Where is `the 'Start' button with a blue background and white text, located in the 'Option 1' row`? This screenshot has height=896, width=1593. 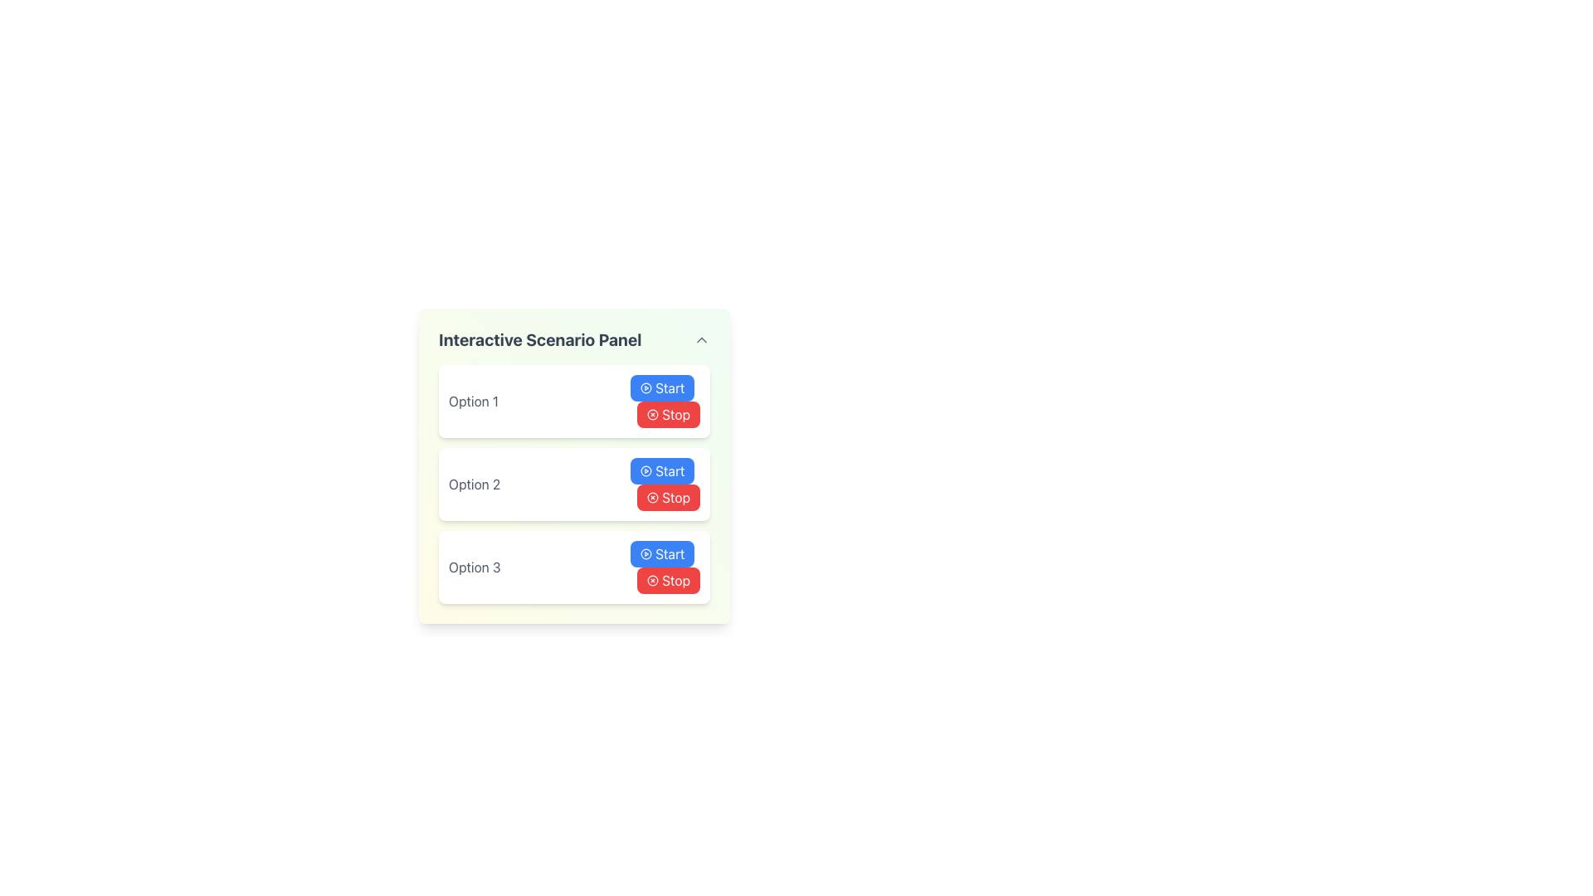 the 'Start' button with a blue background and white text, located in the 'Option 1' row is located at coordinates (661, 387).